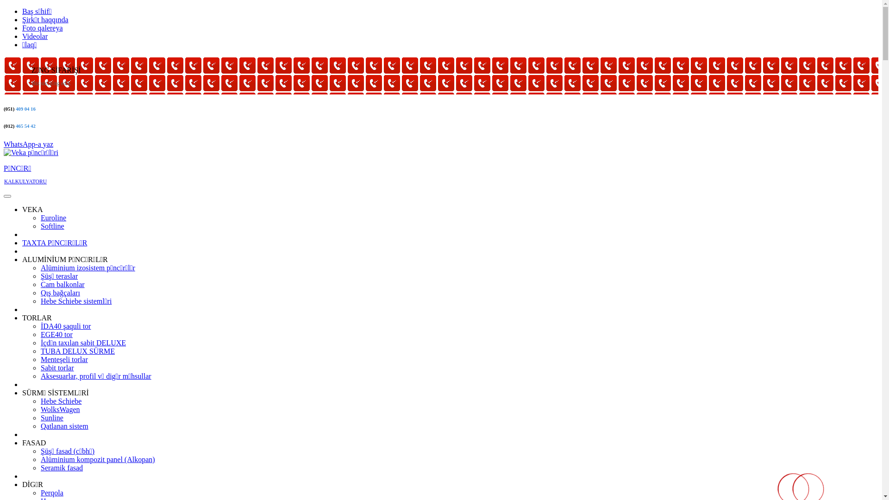 The height and width of the screenshot is (500, 889). Describe the element at coordinates (60, 409) in the screenshot. I see `'WolksWagen'` at that location.